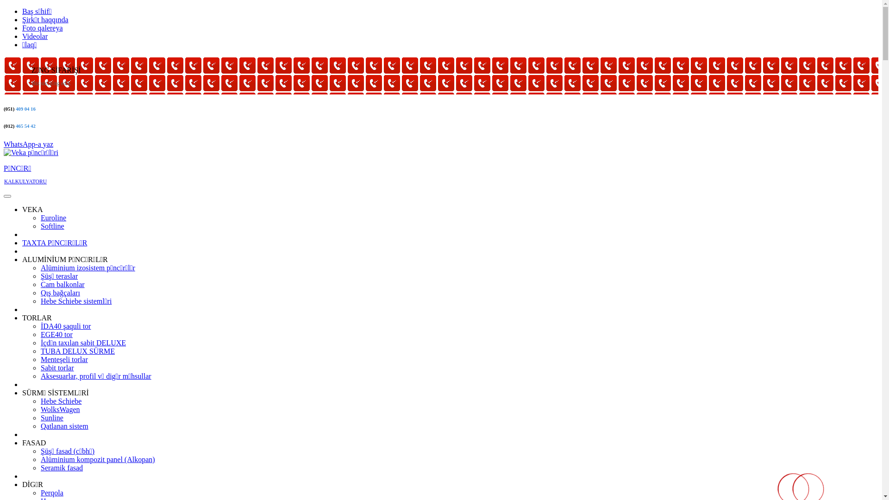 The height and width of the screenshot is (500, 889). Describe the element at coordinates (60, 409) in the screenshot. I see `'WolksWagen'` at that location.